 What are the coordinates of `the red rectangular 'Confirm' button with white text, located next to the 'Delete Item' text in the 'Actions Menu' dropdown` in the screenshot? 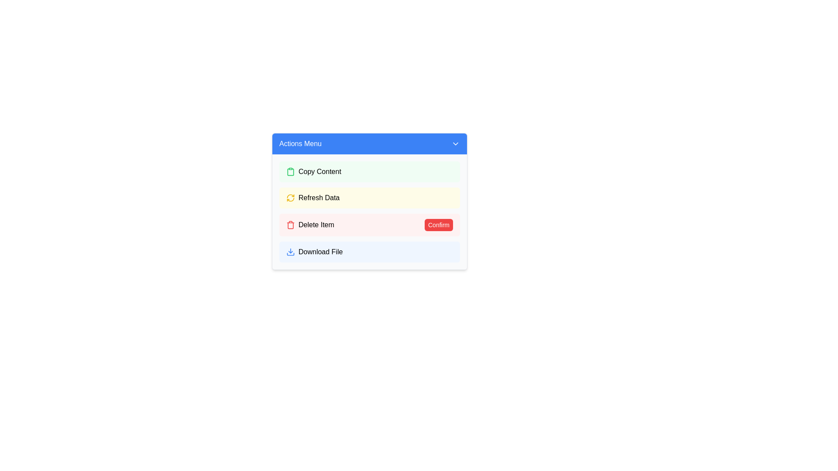 It's located at (439, 225).